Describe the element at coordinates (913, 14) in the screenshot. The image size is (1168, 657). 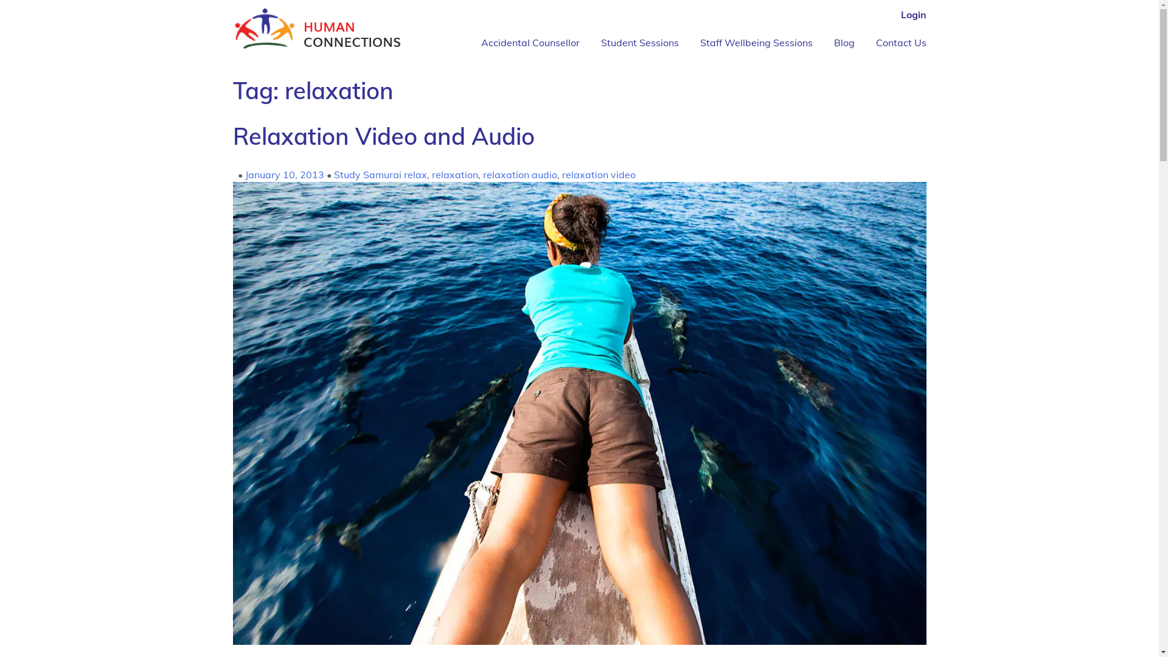
I see `'Login'` at that location.